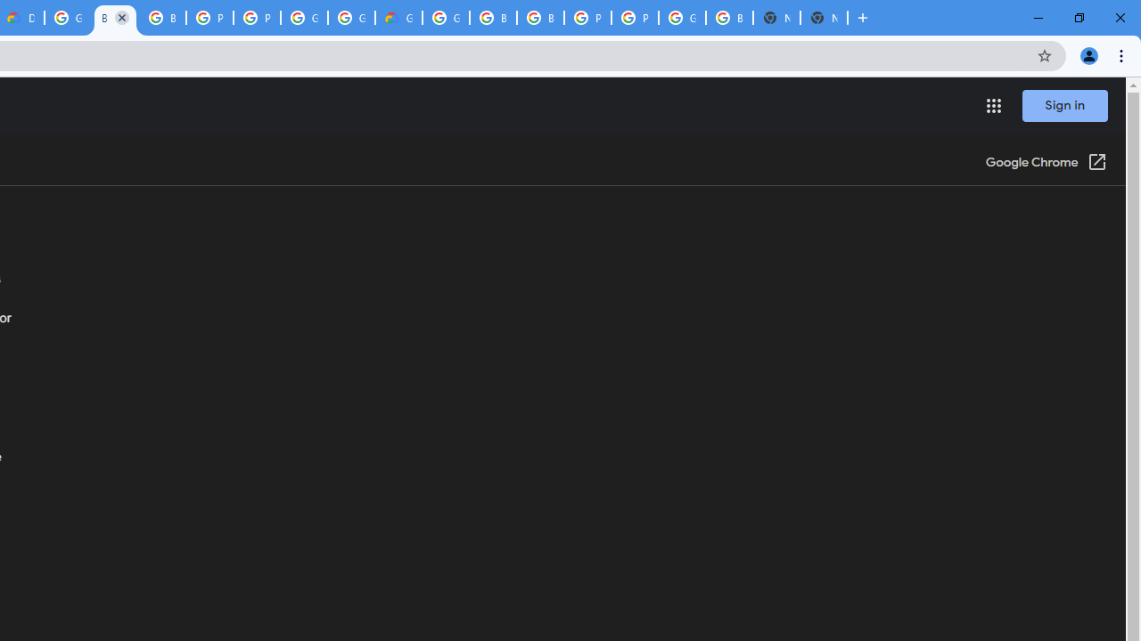  I want to click on 'Browse Chrome as a guest - Computer - Google Chrome Help', so click(114, 18).